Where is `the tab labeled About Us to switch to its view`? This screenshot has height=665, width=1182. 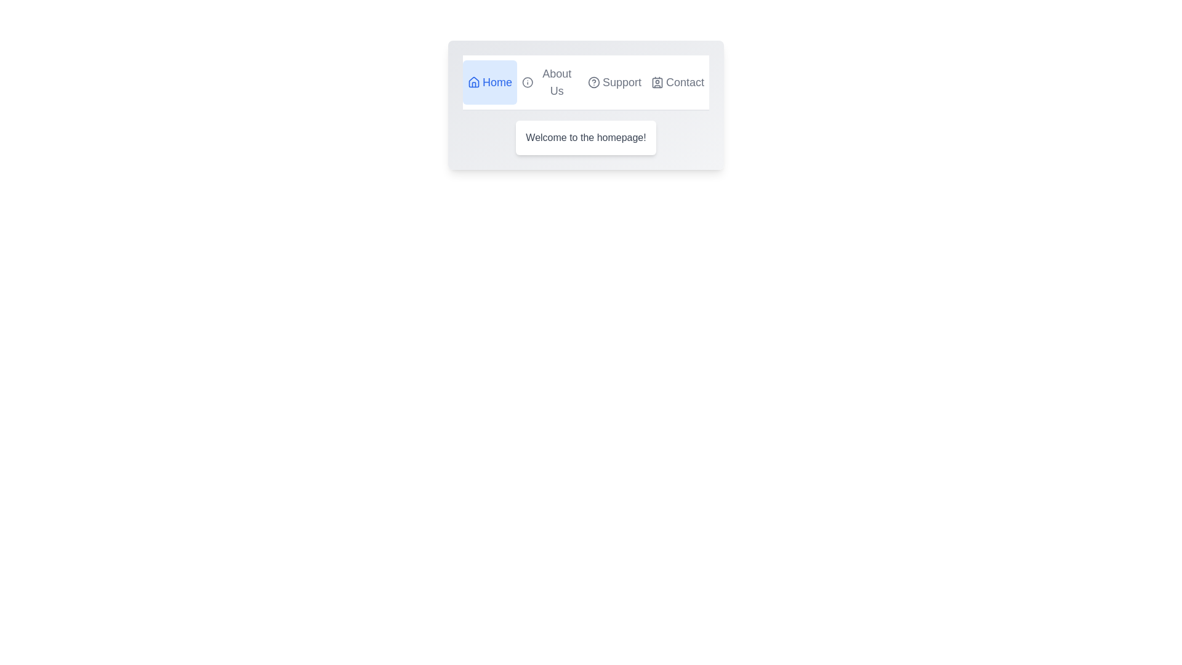 the tab labeled About Us to switch to its view is located at coordinates (549, 83).